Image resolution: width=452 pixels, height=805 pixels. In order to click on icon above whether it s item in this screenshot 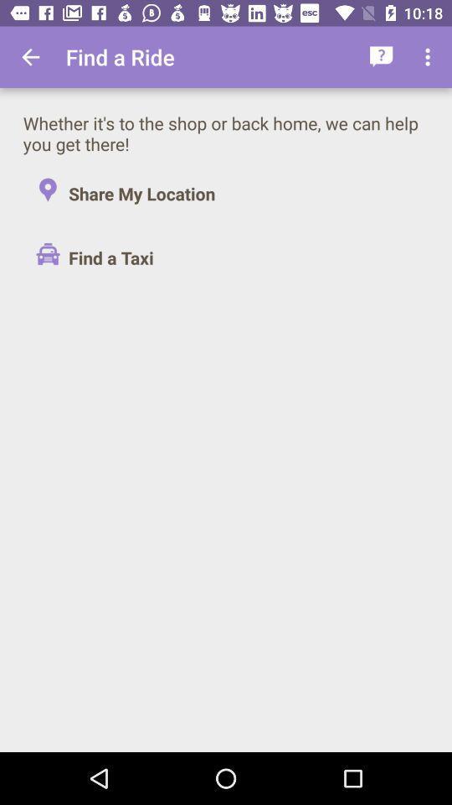, I will do `click(381, 57)`.